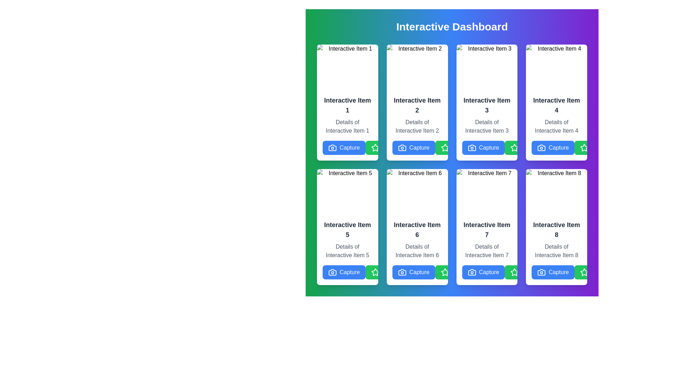 The image size is (680, 382). What do you see at coordinates (556, 272) in the screenshot?
I see `the button that initiates a function related to capturing or recording for 'Interactive Item 8'` at bounding box center [556, 272].